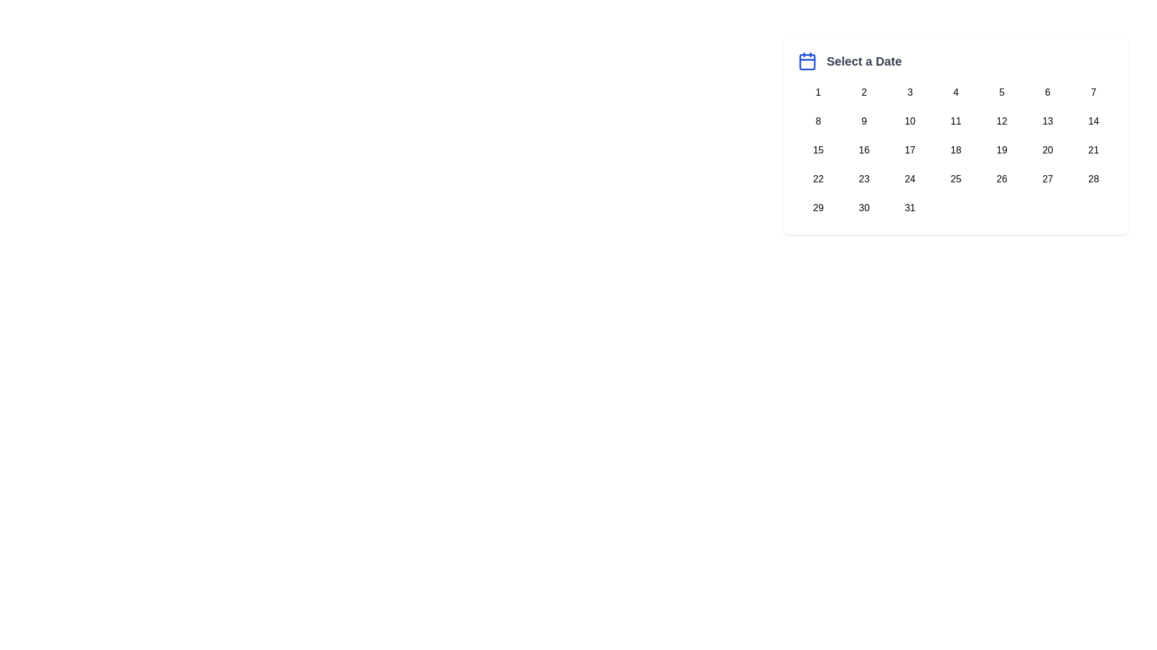 The image size is (1157, 650). I want to click on the button representing the 27th day in the calendar grid layout, so click(1047, 179).